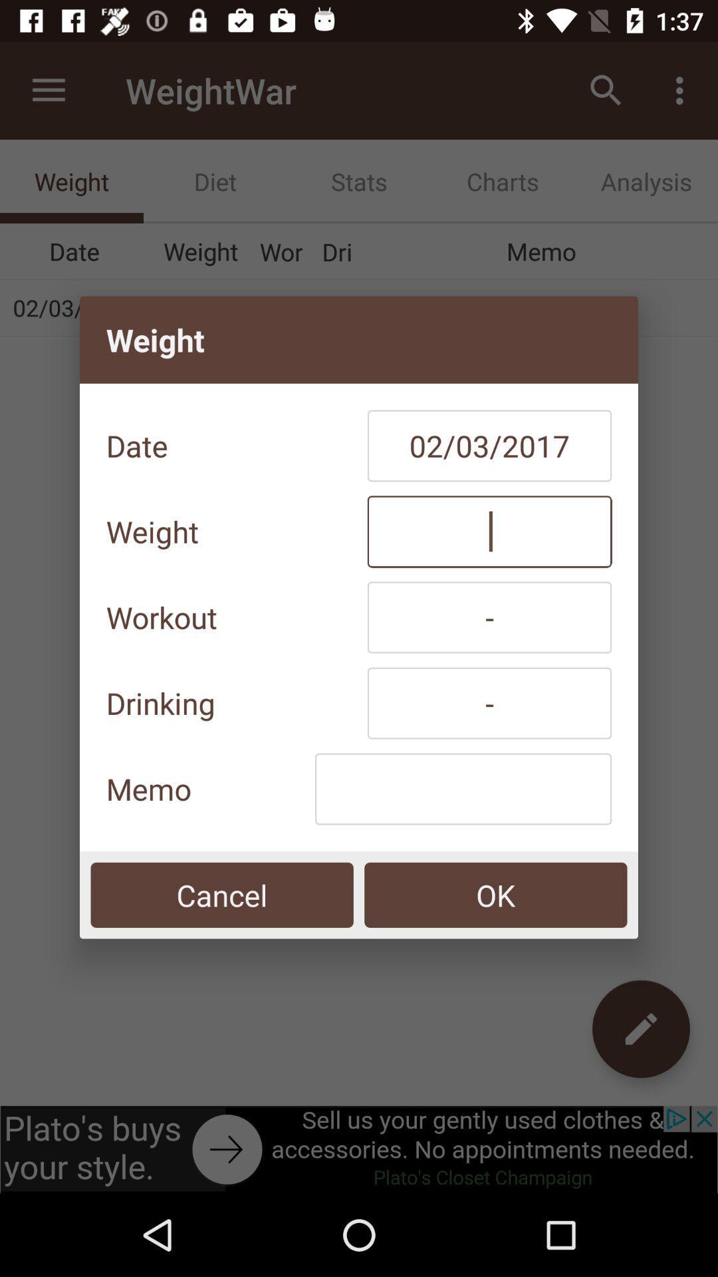  I want to click on the icon next to ok item, so click(221, 895).